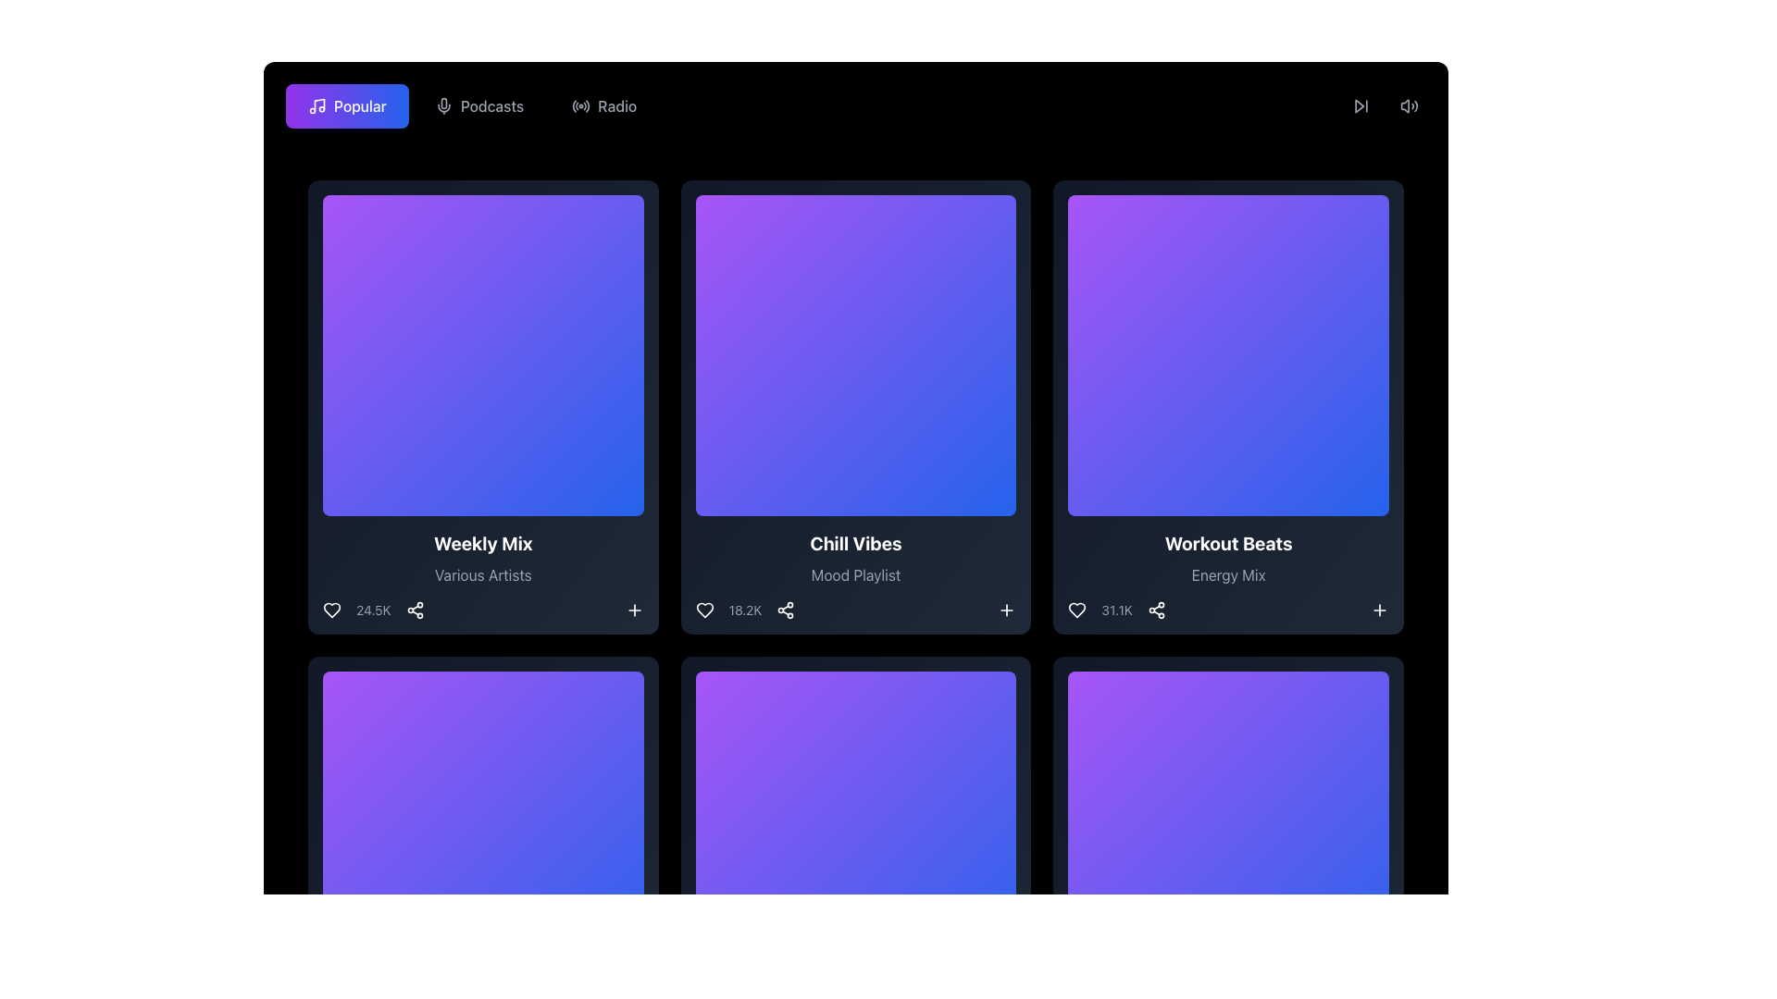 This screenshot has height=999, width=1777. I want to click on the numerical value displayed on the text label indicating the count associated with the 'Chill Vibes' card, which is located in the horizontal row beneath the card, to the right of the heart icon and adjacent to the left of the share icon, so click(745, 610).